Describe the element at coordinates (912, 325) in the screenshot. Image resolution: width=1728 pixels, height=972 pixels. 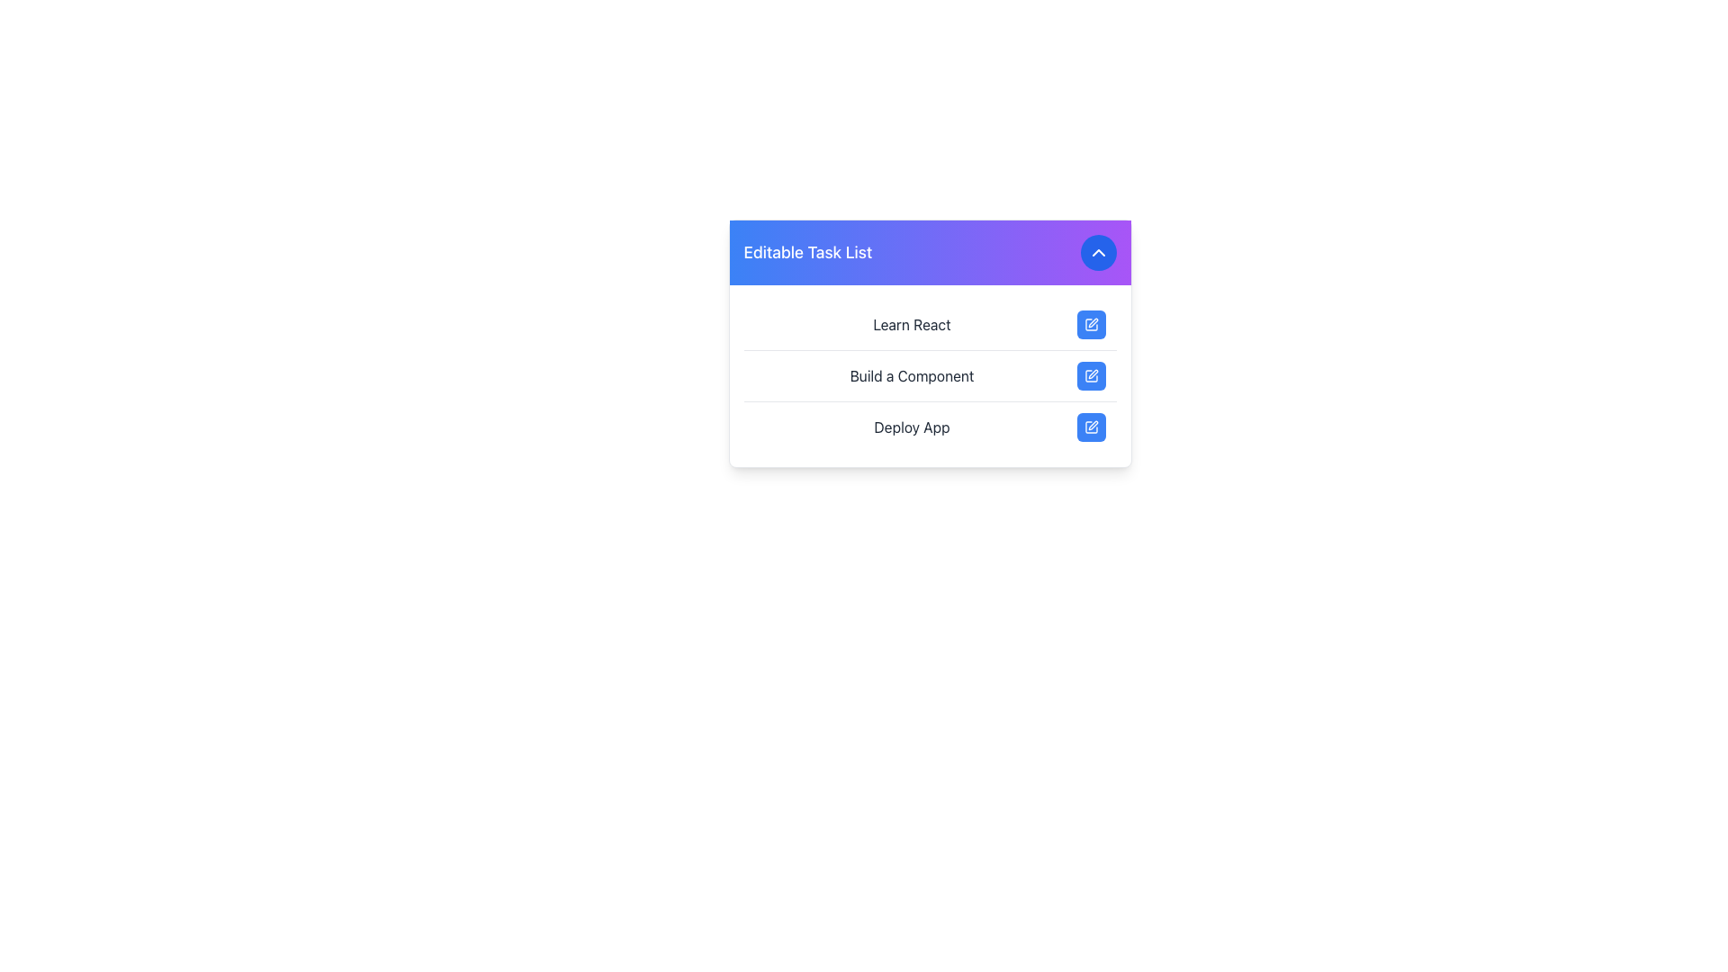
I see `the 'Learn React' text label` at that location.